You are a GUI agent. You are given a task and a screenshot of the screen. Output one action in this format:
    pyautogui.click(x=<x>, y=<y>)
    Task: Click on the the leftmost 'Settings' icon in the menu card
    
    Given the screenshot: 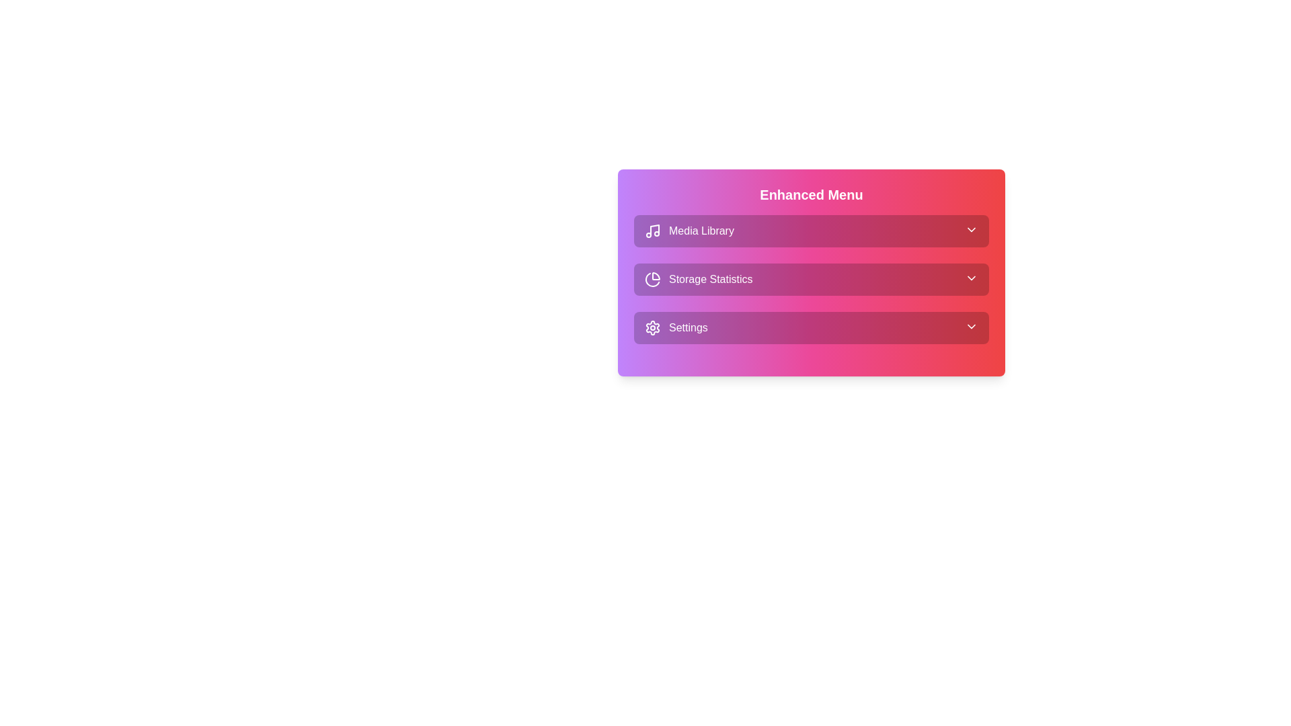 What is the action you would take?
    pyautogui.click(x=652, y=328)
    